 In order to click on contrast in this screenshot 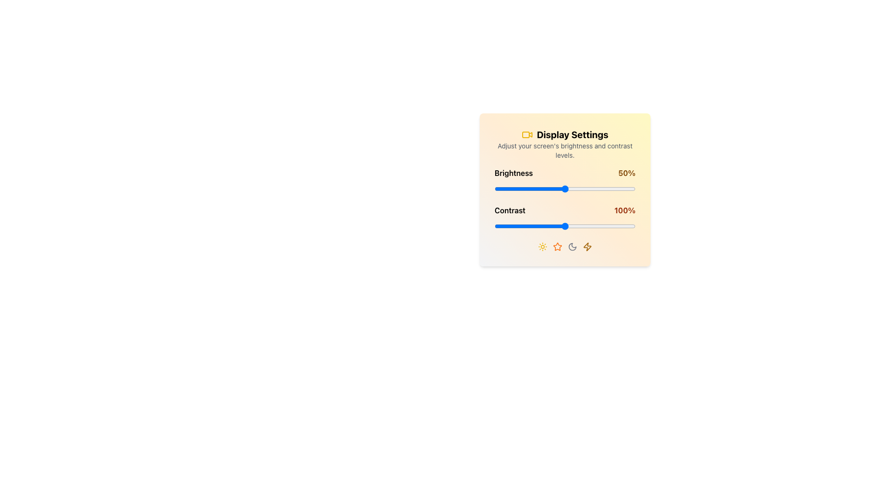, I will do `click(538, 226)`.